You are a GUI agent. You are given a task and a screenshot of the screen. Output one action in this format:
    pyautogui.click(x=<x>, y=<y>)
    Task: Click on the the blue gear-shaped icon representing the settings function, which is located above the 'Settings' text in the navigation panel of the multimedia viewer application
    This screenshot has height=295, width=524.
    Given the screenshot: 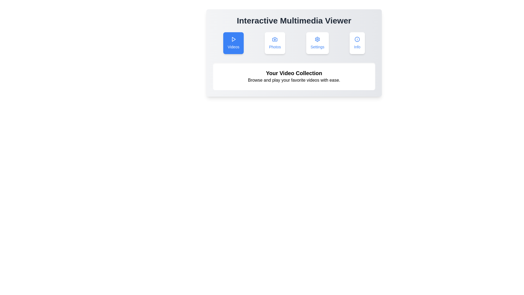 What is the action you would take?
    pyautogui.click(x=317, y=39)
    